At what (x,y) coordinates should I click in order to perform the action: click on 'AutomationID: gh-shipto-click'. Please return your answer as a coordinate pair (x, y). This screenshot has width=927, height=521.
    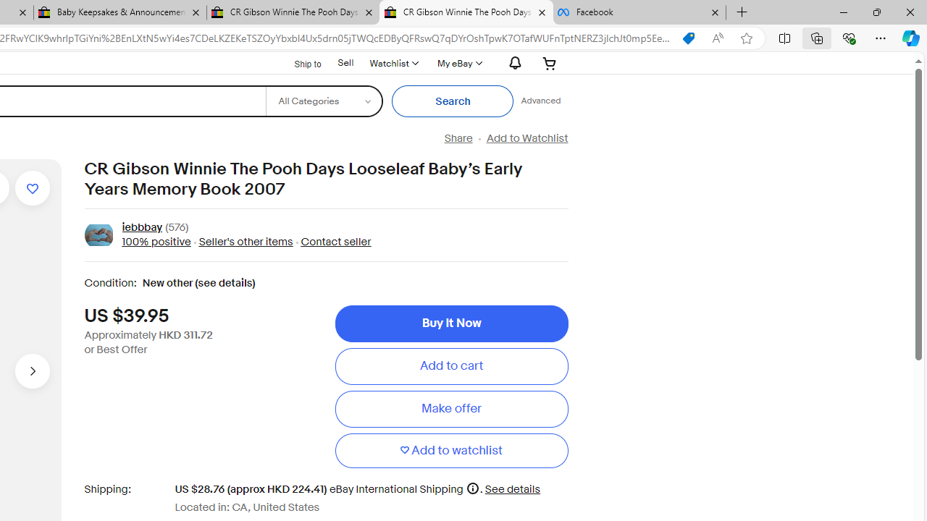
    Looking at the image, I should click on (298, 62).